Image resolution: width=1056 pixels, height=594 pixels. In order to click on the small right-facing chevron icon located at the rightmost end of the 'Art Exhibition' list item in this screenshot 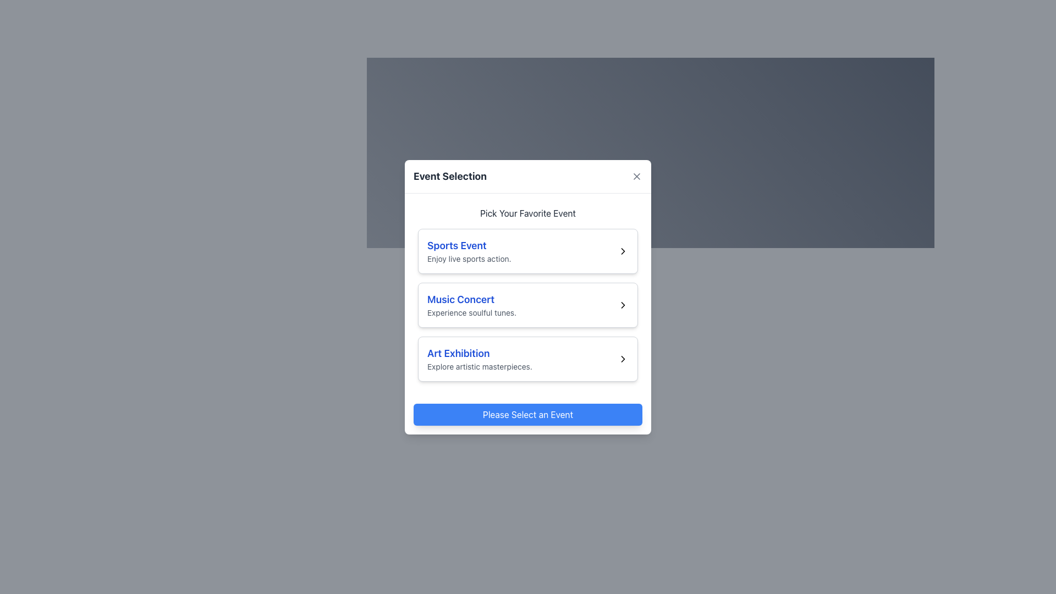, I will do `click(623, 358)`.